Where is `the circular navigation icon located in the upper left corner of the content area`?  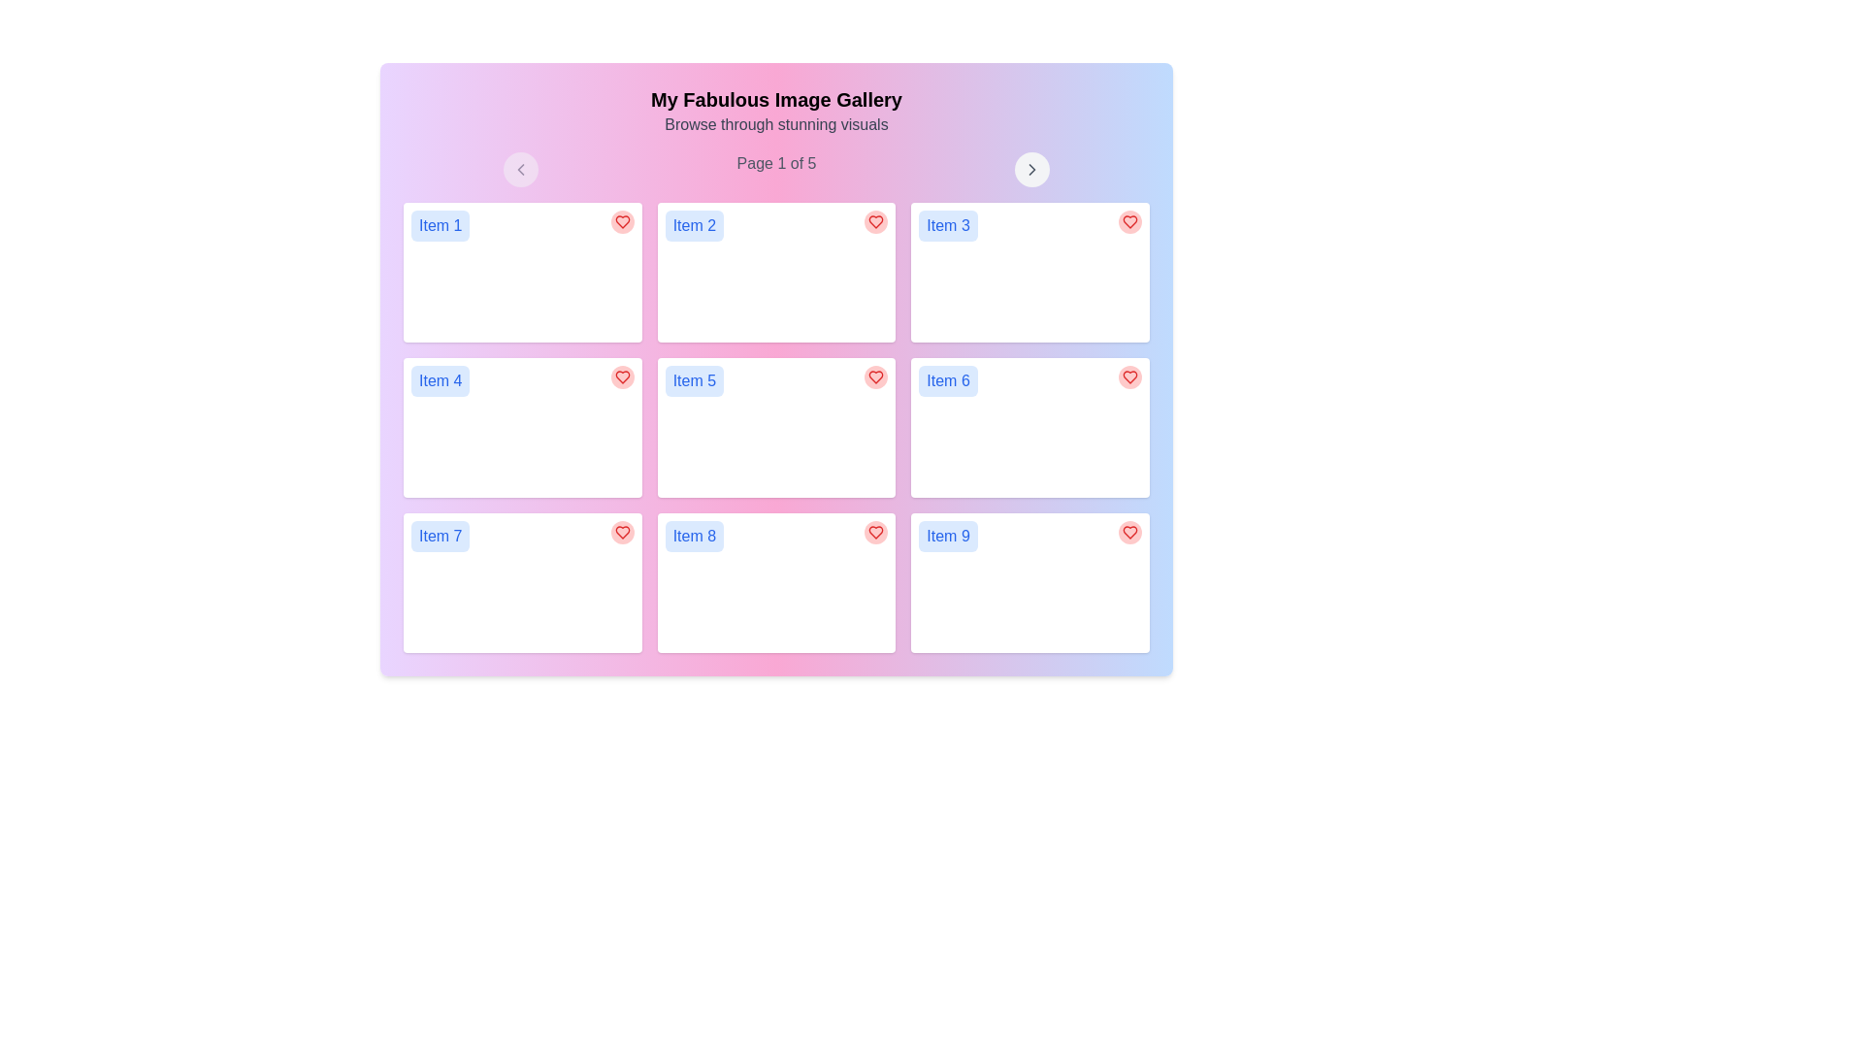 the circular navigation icon located in the upper left corner of the content area is located at coordinates (520, 168).